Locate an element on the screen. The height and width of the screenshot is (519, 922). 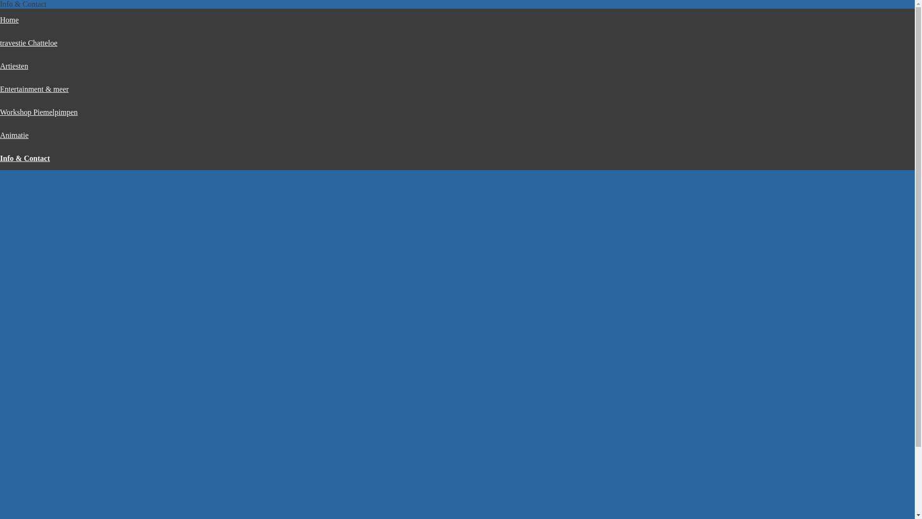
'Home' is located at coordinates (9, 20).